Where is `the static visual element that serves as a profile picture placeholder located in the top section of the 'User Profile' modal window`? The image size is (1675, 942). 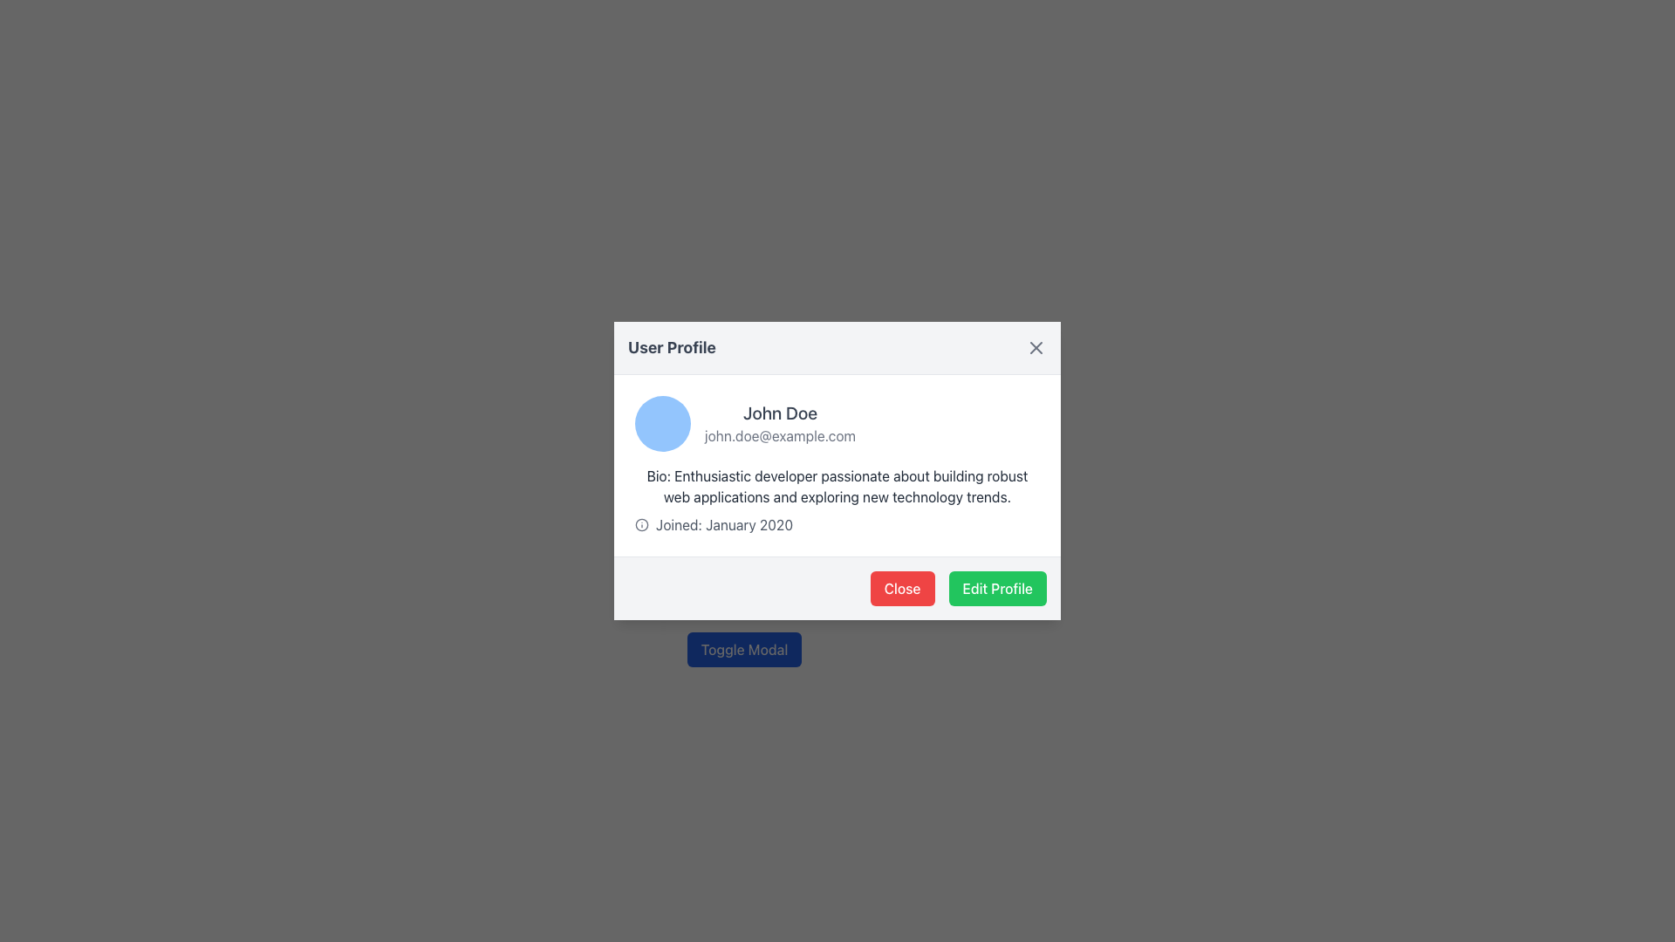
the static visual element that serves as a profile picture placeholder located in the top section of the 'User Profile' modal window is located at coordinates (661, 424).